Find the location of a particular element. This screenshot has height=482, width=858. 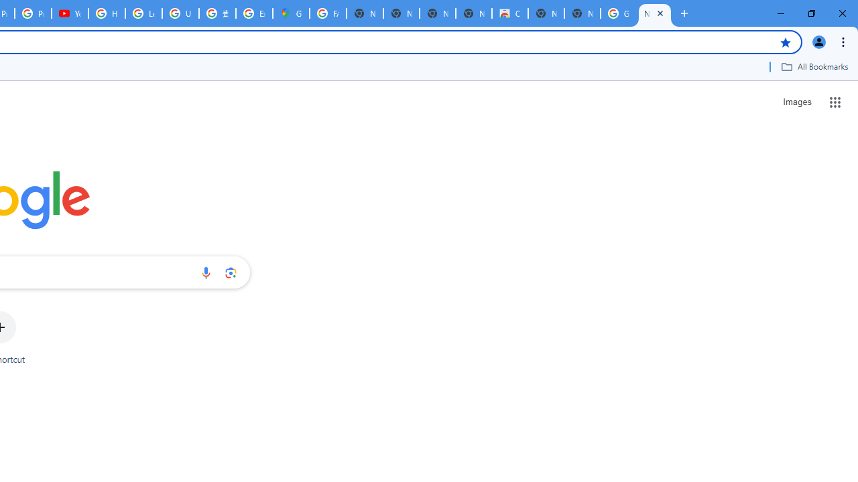

'Explore new street-level details - Google Maps Help' is located at coordinates (254, 13).